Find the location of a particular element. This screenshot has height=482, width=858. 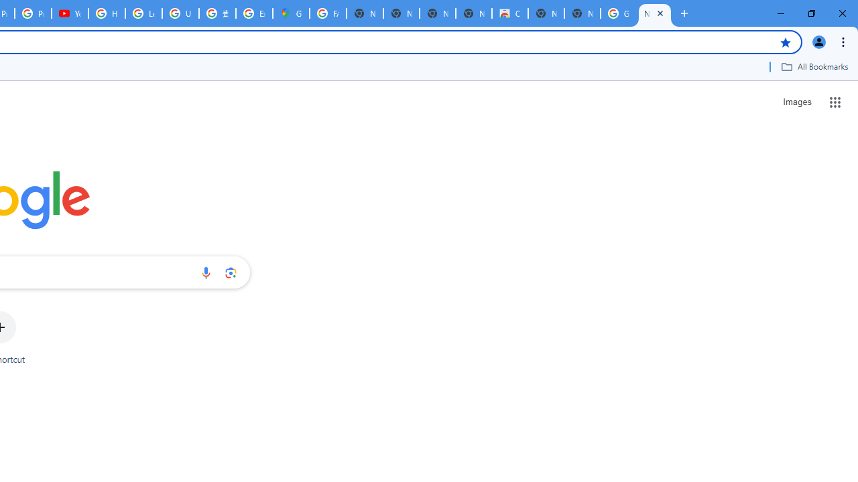

'Explore new street-level details - Google Maps Help' is located at coordinates (254, 13).